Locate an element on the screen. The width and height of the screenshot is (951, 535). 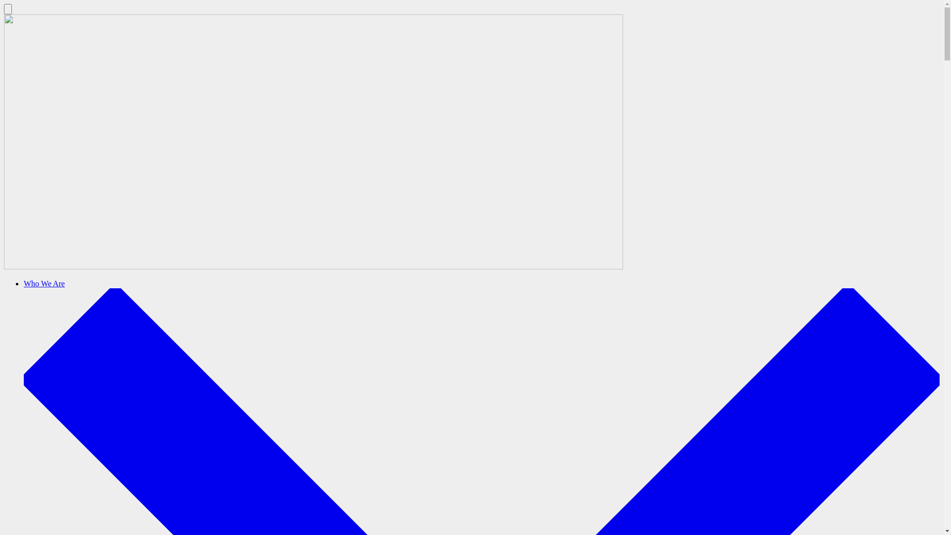
'Skip to content' is located at coordinates (3, 3).